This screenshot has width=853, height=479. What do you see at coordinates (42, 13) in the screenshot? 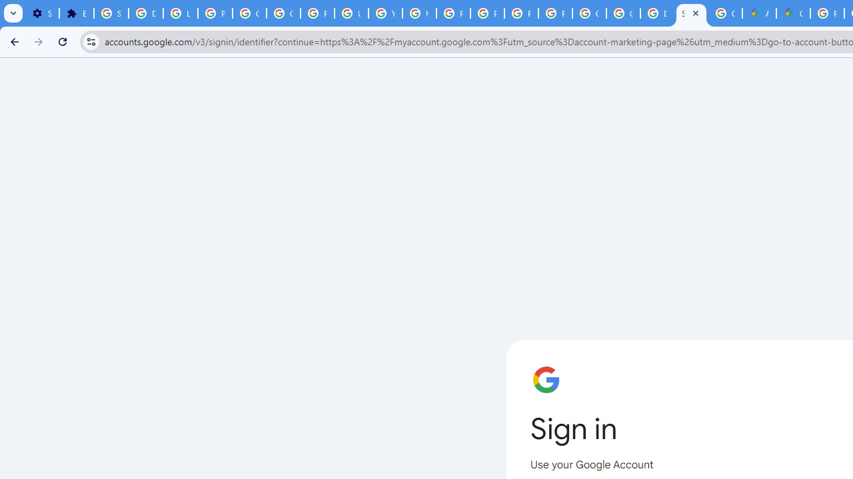
I see `'Settings - On startup'` at bounding box center [42, 13].